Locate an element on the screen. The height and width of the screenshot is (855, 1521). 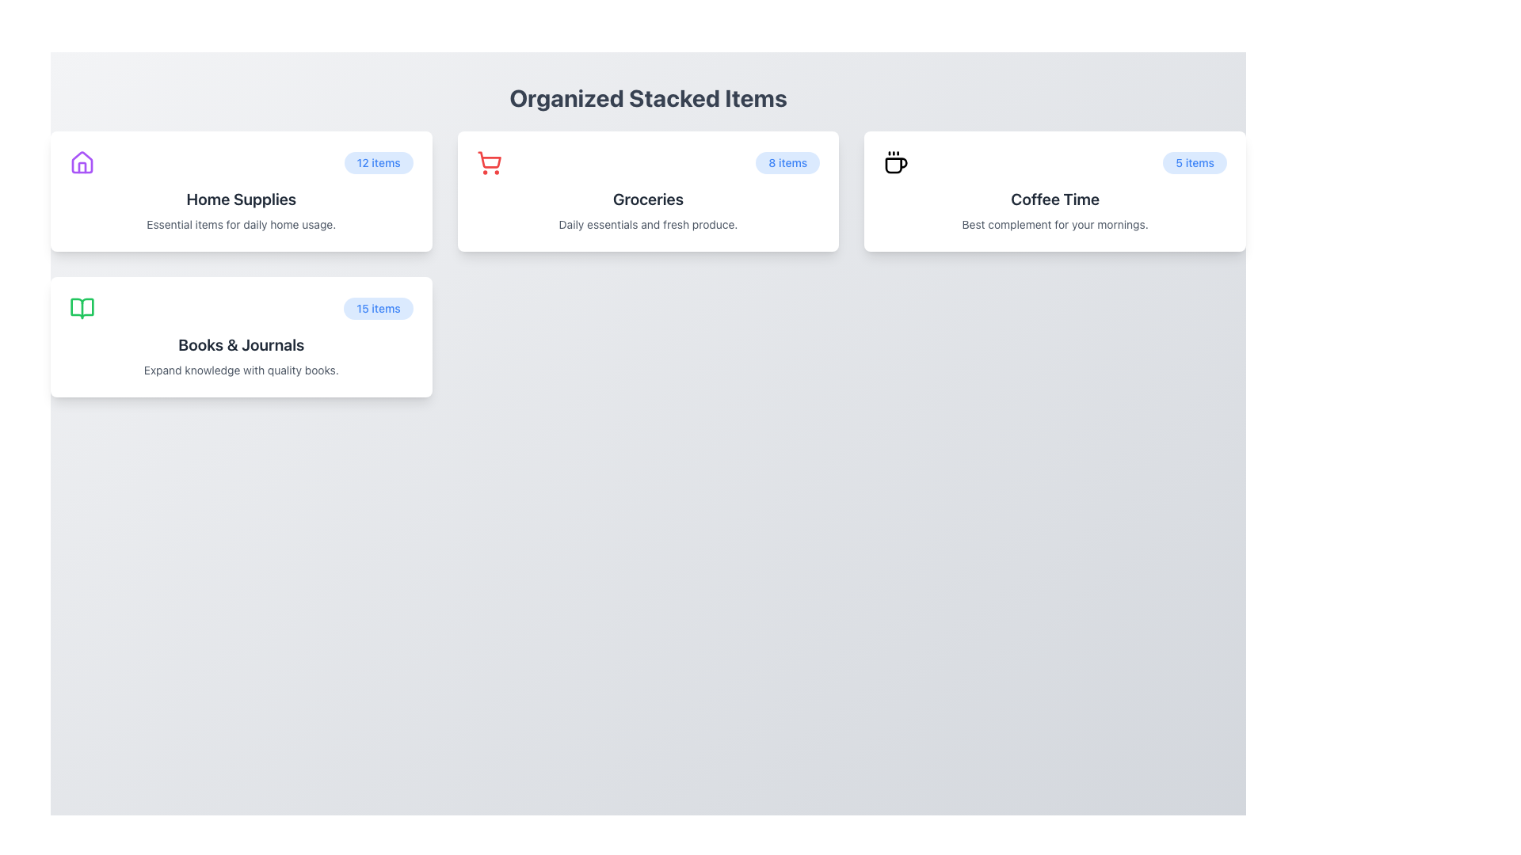
the static text label that serves as the title for the third card in the first row titled 'Books & Journals', located between the badge '15 items' and the description text 'Expand knowledge with quality books.' is located at coordinates (240, 344).